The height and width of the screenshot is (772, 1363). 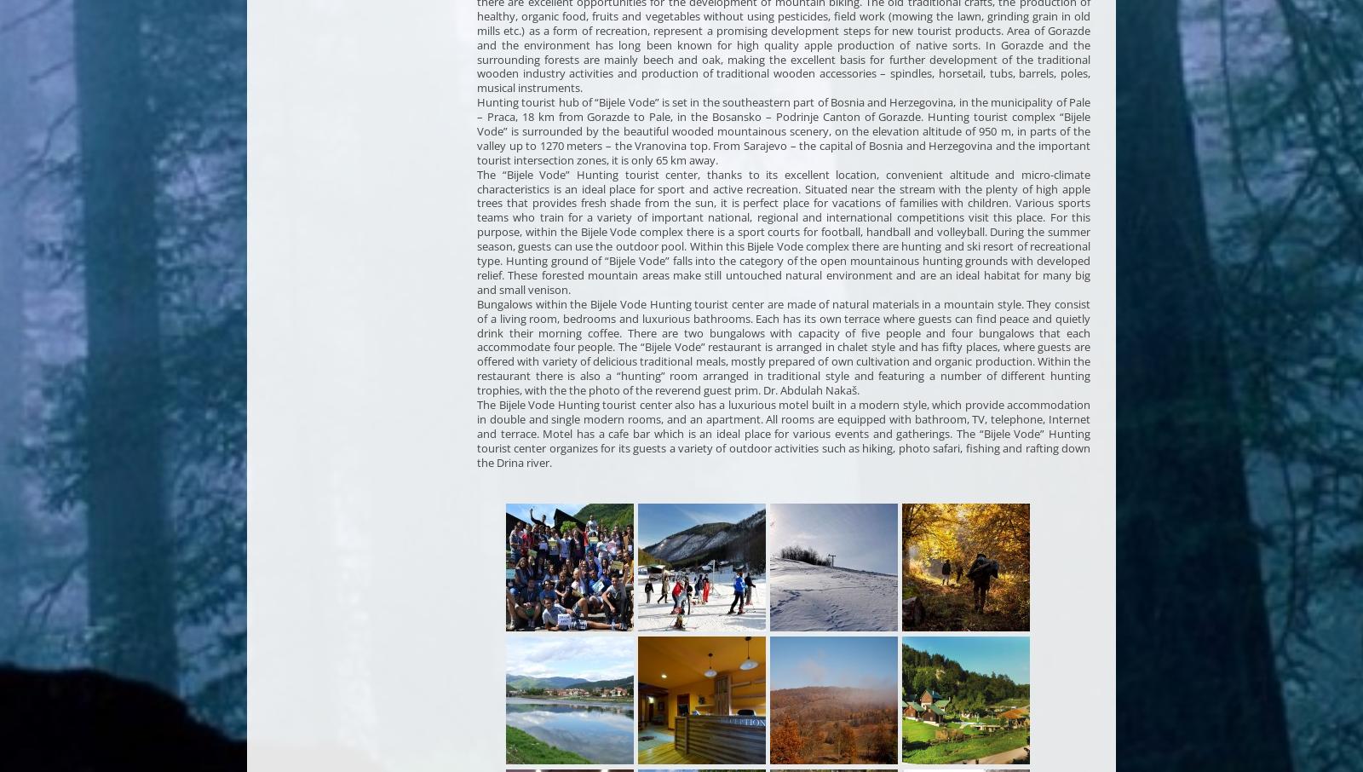 I want to click on 'the traditional', so click(x=1052, y=59).